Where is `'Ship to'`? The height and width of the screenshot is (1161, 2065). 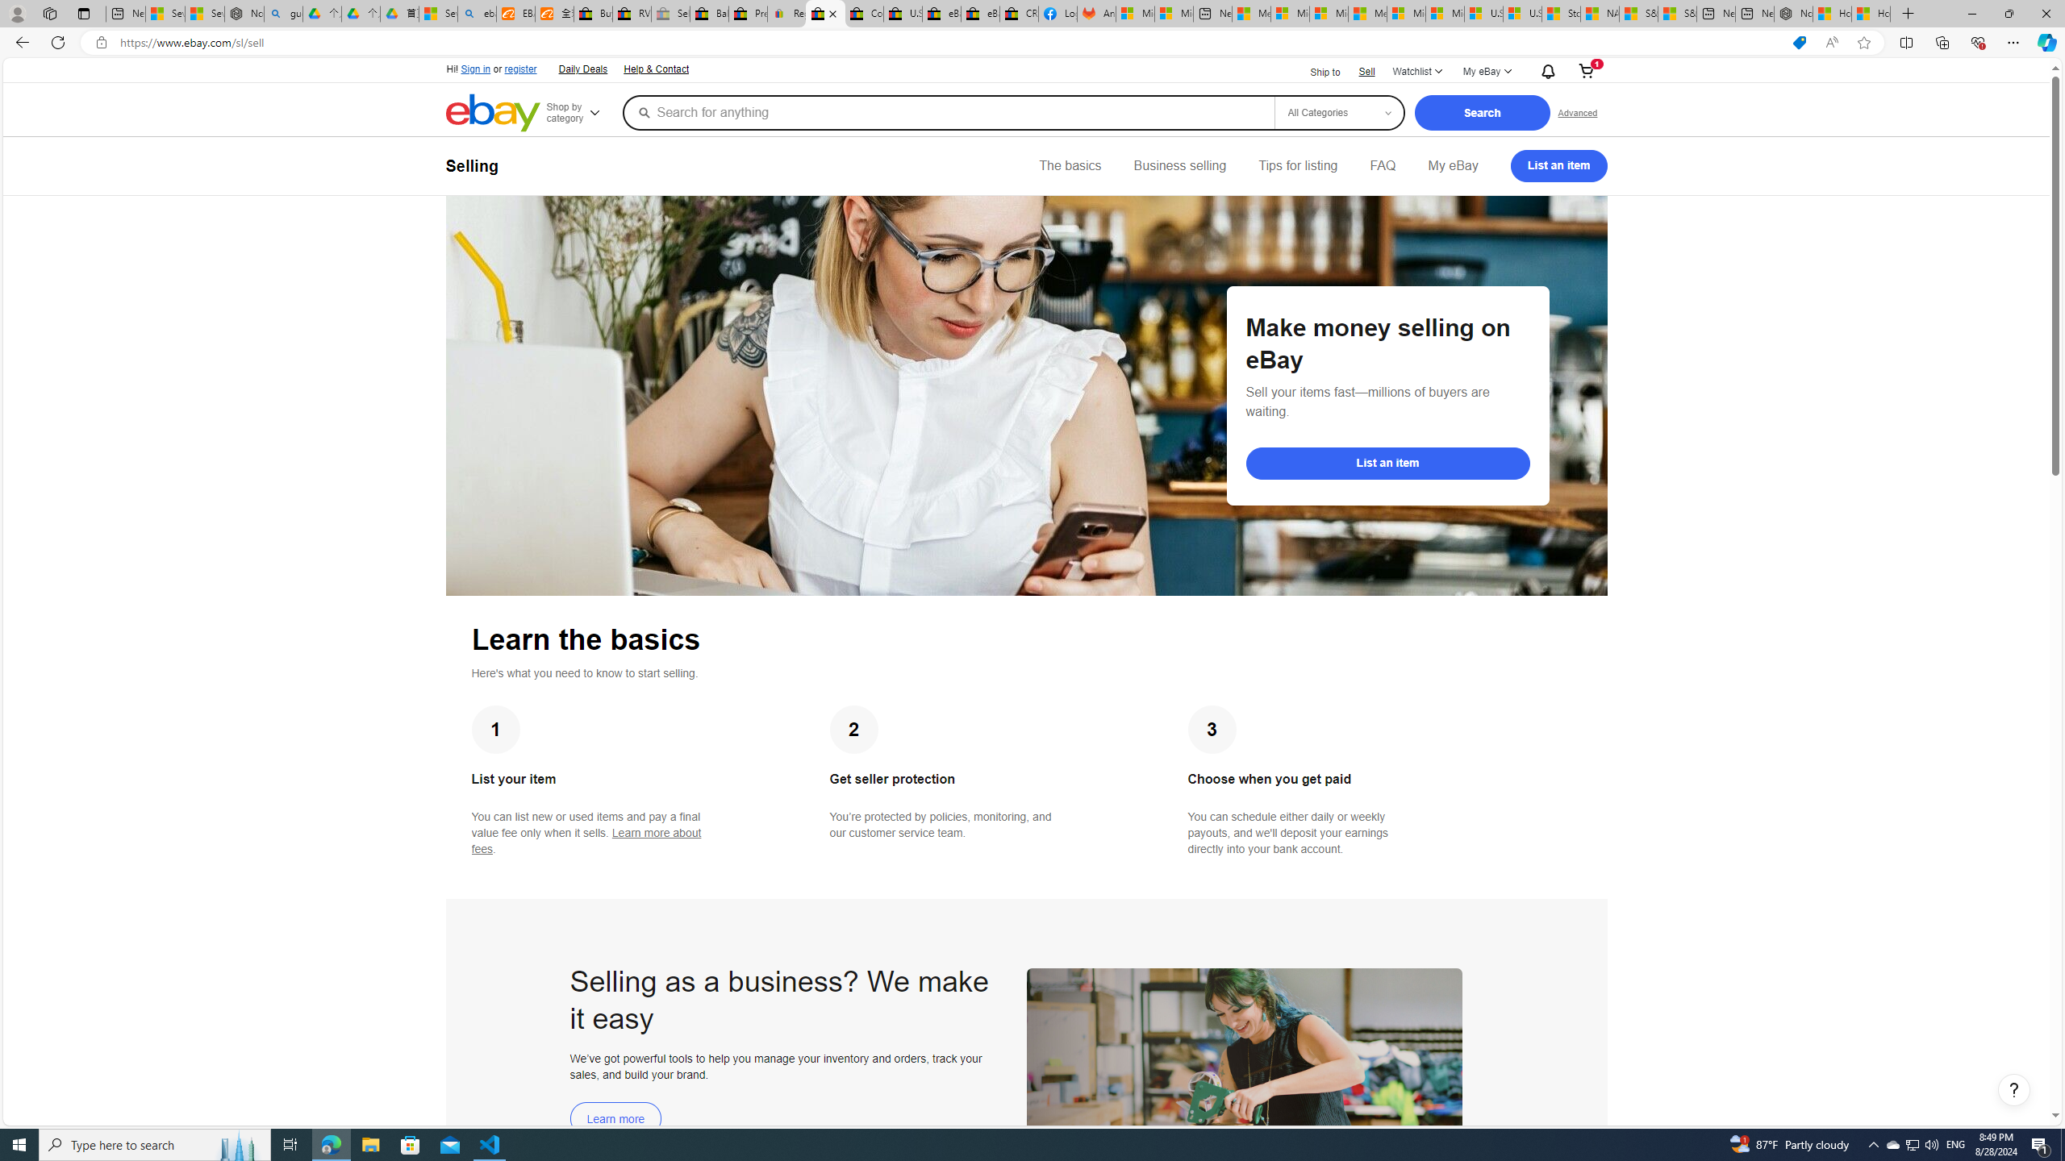 'Ship to' is located at coordinates (1315, 72).